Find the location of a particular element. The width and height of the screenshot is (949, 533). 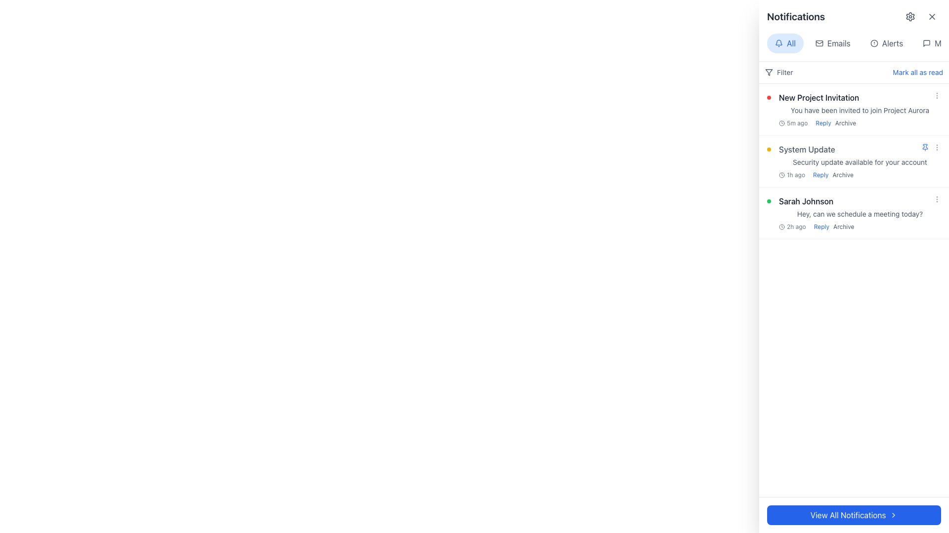

the text block displaying 'New Project Invitation', which is prominently styled in dark gray and positioned at the top left corner of its notification item is located at coordinates (819, 97).